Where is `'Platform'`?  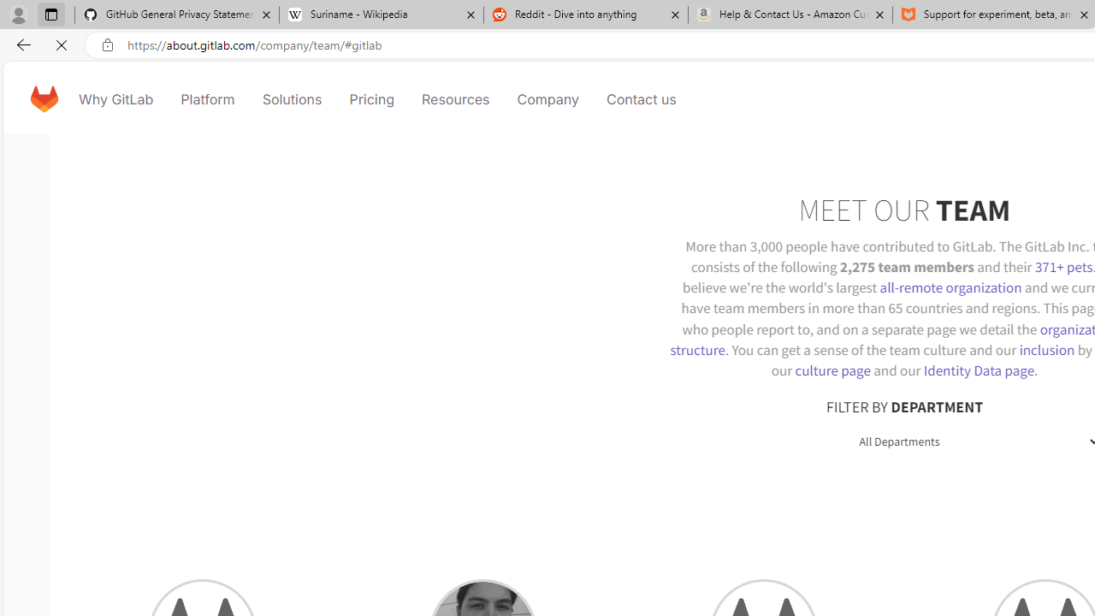
'Platform' is located at coordinates (207, 98).